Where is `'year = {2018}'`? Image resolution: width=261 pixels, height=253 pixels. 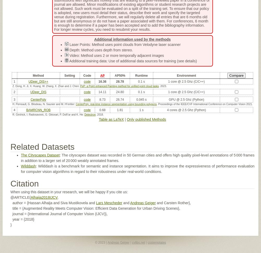
'year = {2018}' is located at coordinates (22, 219).